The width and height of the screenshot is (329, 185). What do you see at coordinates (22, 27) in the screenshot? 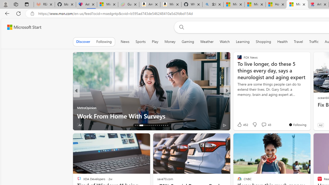
I see `'Skip to content'` at bounding box center [22, 27].